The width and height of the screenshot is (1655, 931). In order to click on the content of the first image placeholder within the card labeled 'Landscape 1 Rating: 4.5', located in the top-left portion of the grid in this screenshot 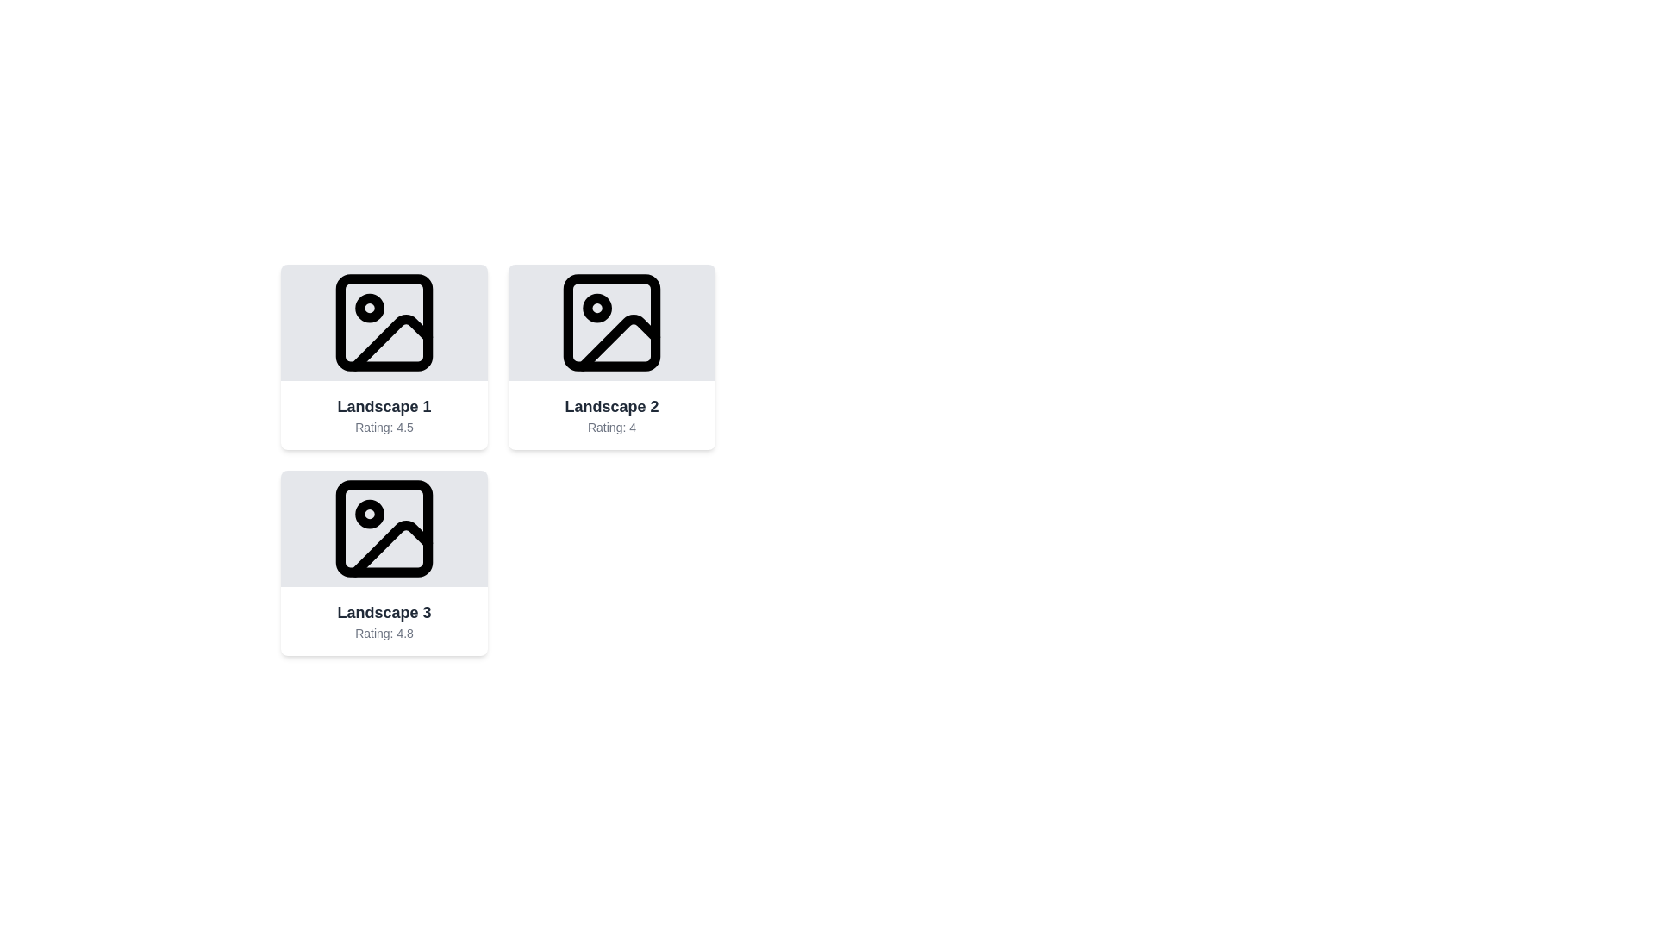, I will do `click(384, 322)`.